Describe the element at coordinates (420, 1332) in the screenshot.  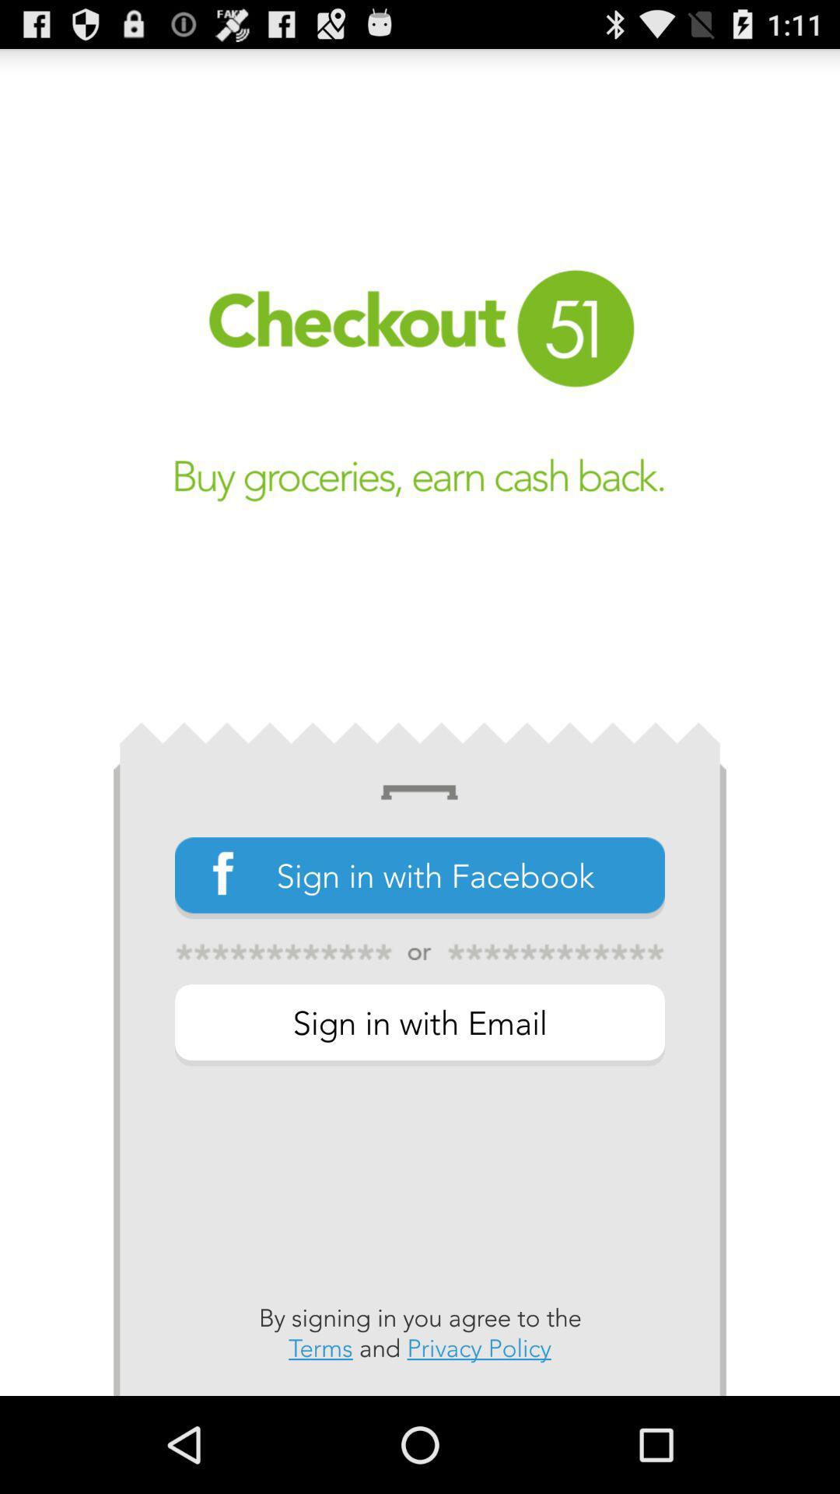
I see `by signing in app` at that location.